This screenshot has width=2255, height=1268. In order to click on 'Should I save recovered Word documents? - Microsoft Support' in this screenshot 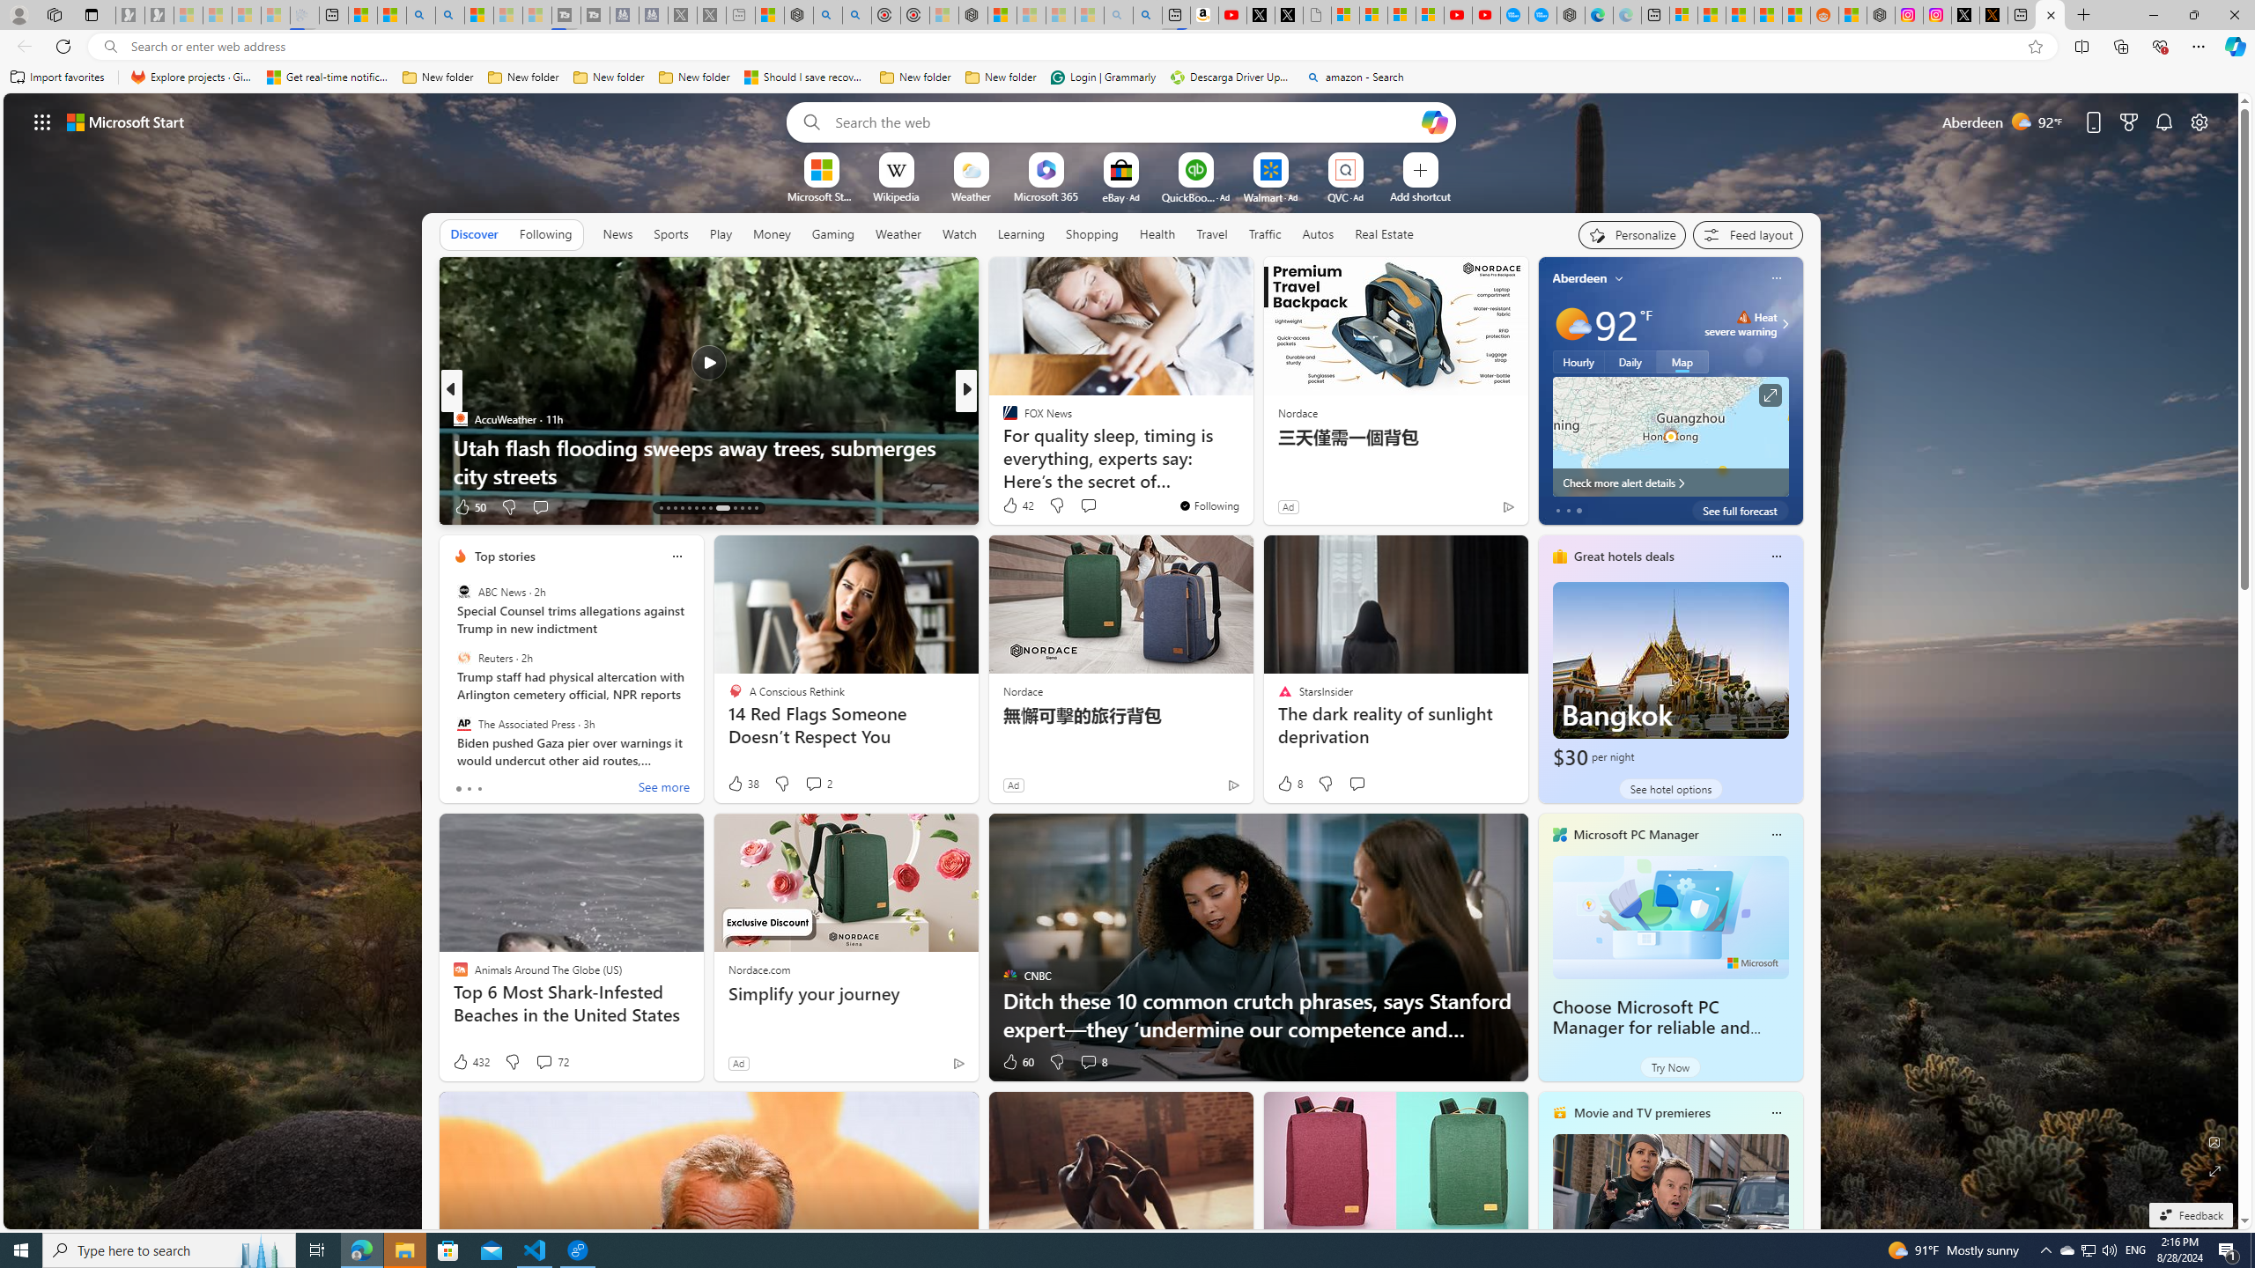, I will do `click(804, 77)`.